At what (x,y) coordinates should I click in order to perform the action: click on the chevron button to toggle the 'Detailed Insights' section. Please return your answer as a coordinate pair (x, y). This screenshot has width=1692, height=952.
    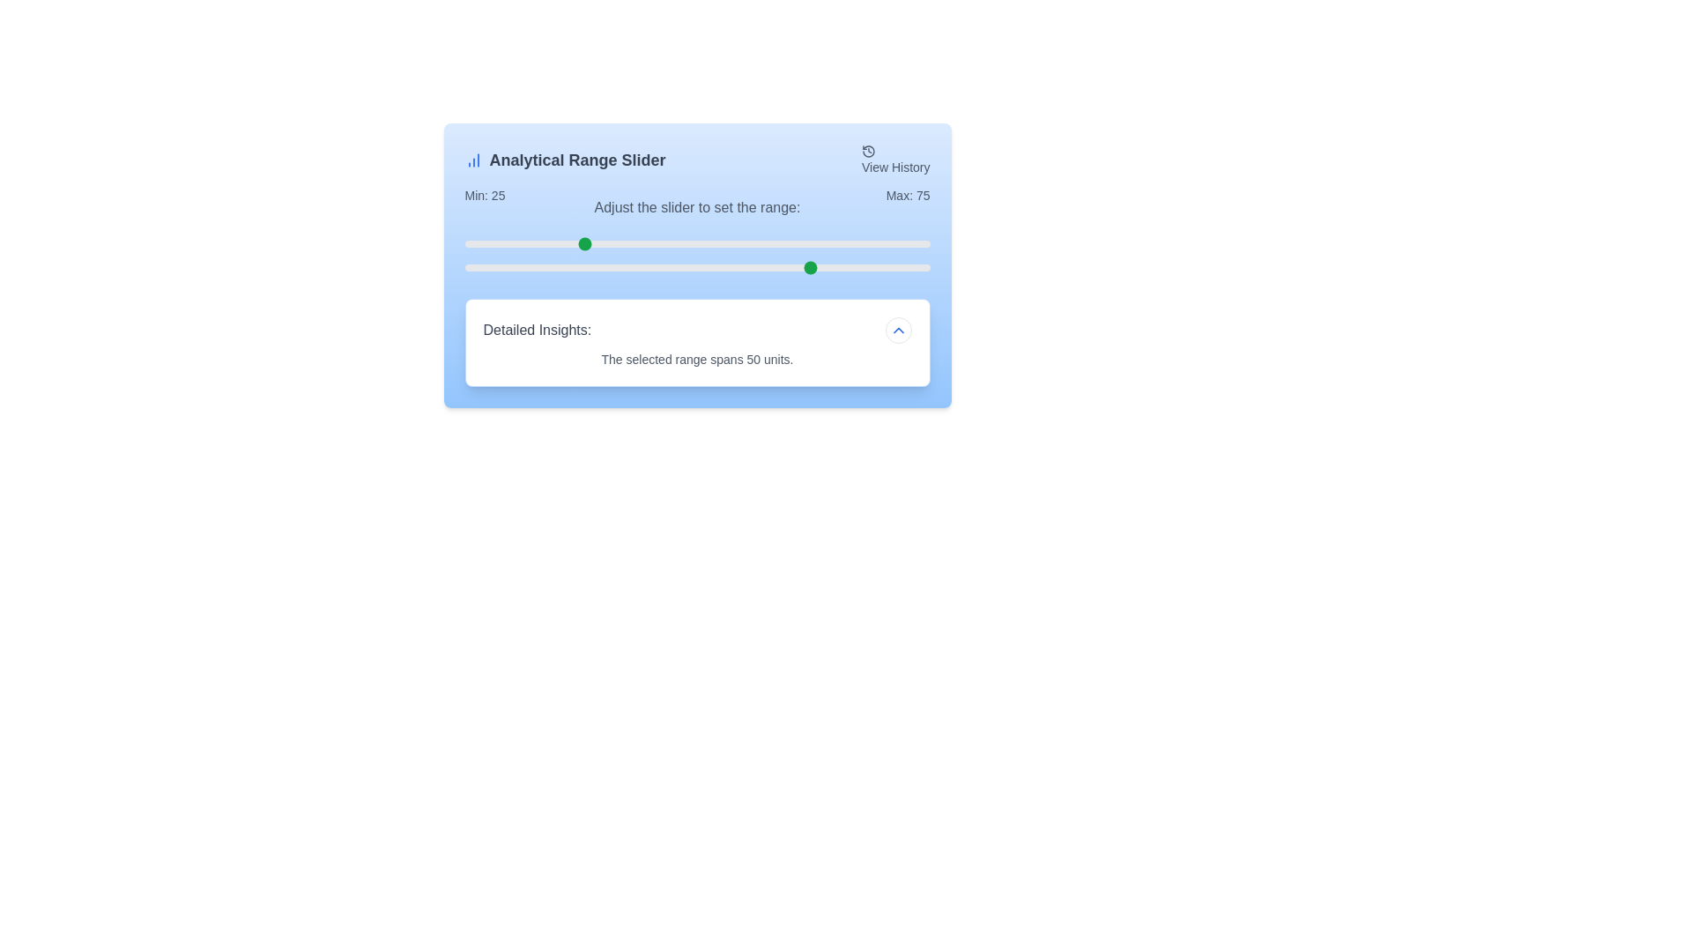
    Looking at the image, I should click on (898, 330).